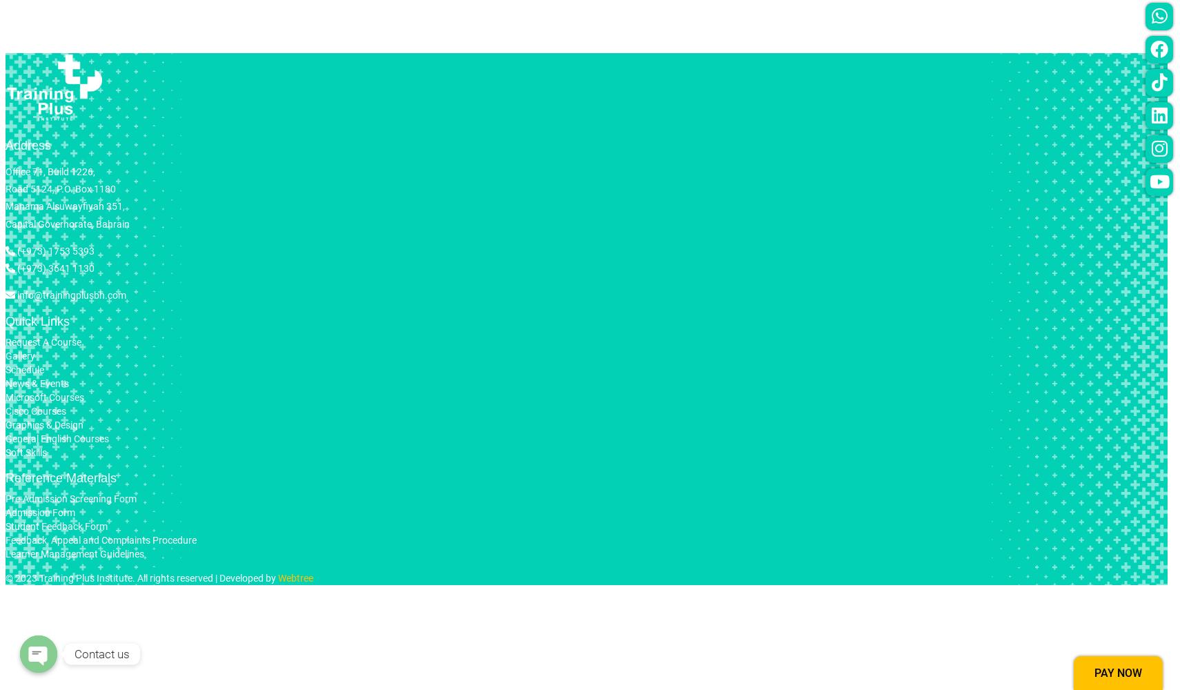 The height and width of the screenshot is (690, 1180). What do you see at coordinates (43, 424) in the screenshot?
I see `'Graphics & Design'` at bounding box center [43, 424].